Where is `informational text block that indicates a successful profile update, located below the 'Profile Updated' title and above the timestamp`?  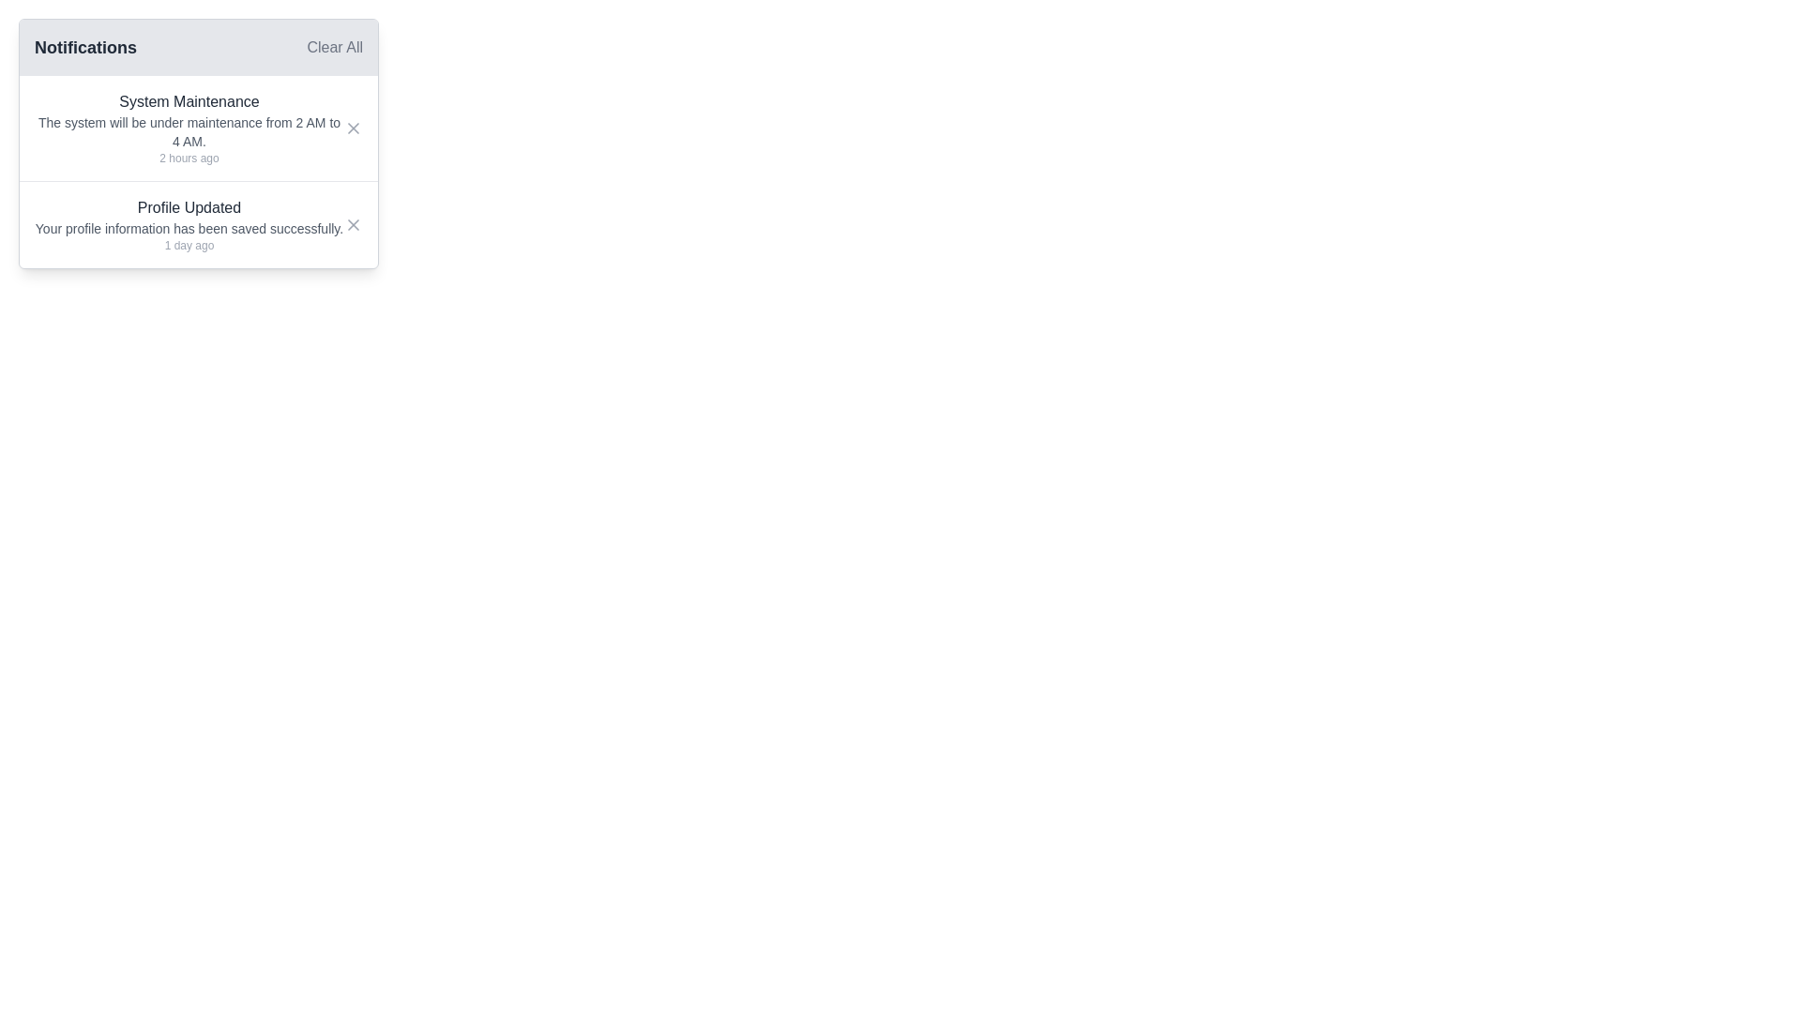
informational text block that indicates a successful profile update, located below the 'Profile Updated' title and above the timestamp is located at coordinates (189, 227).